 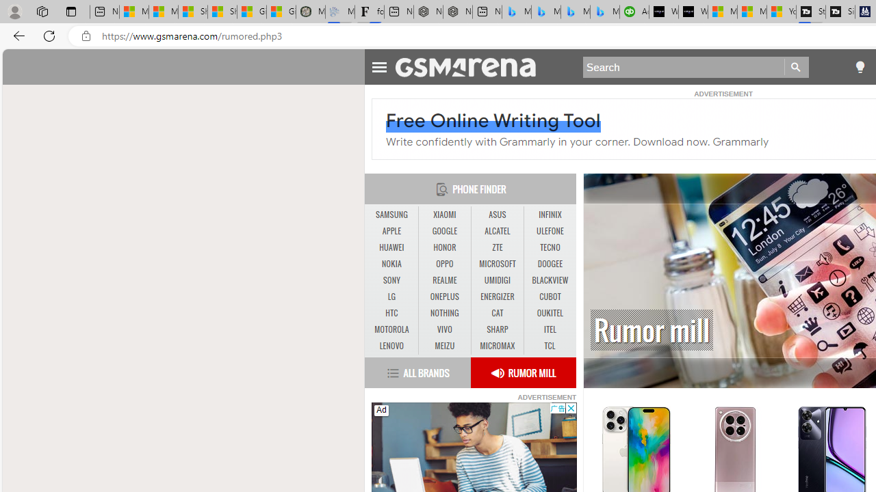 What do you see at coordinates (497, 279) in the screenshot?
I see `'UMIDIGI'` at bounding box center [497, 279].